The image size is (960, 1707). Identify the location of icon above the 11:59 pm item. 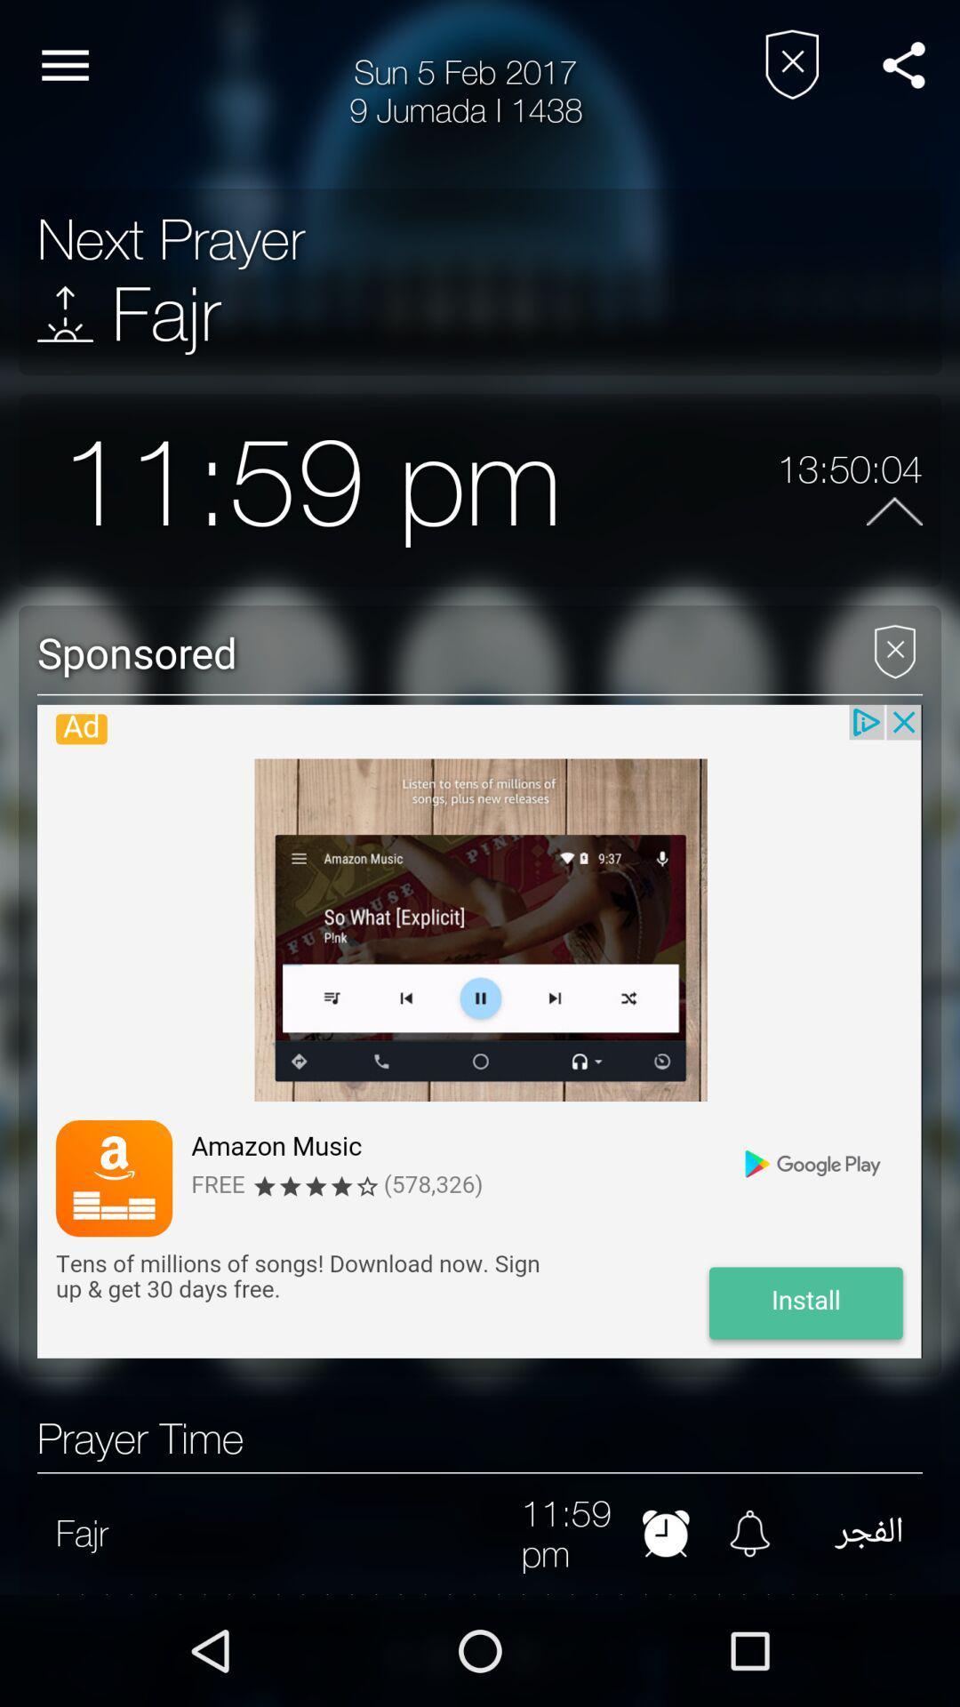
(64, 314).